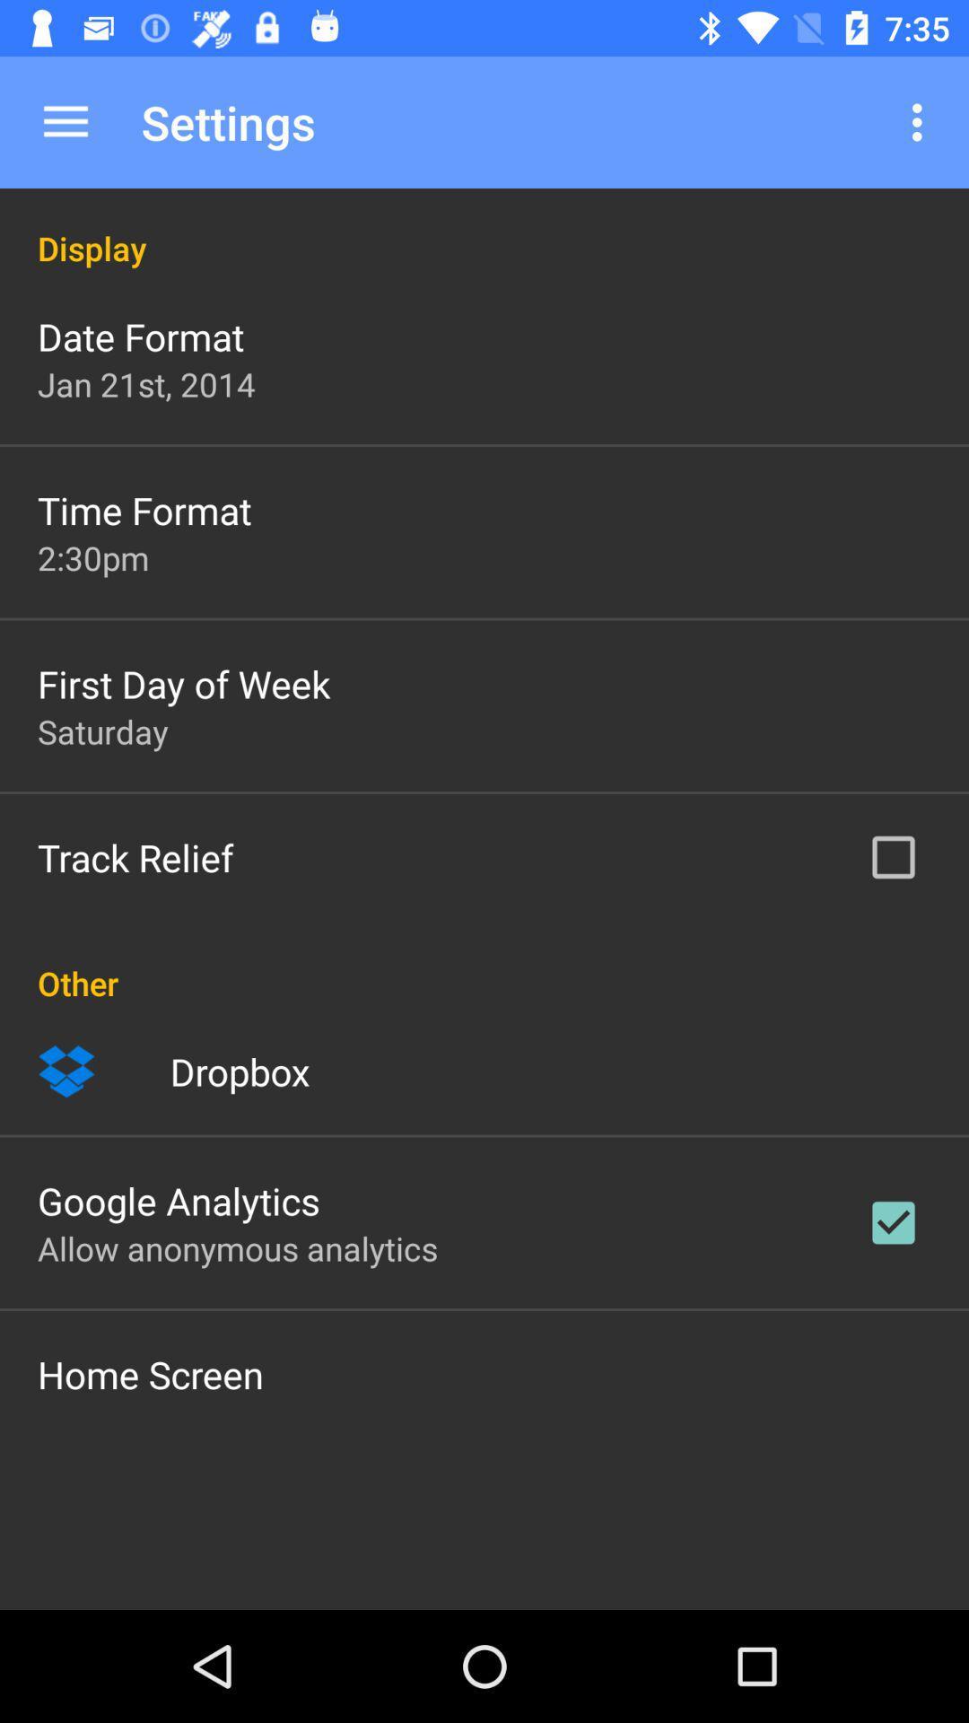 The width and height of the screenshot is (969, 1723). What do you see at coordinates (484, 963) in the screenshot?
I see `the other icon` at bounding box center [484, 963].